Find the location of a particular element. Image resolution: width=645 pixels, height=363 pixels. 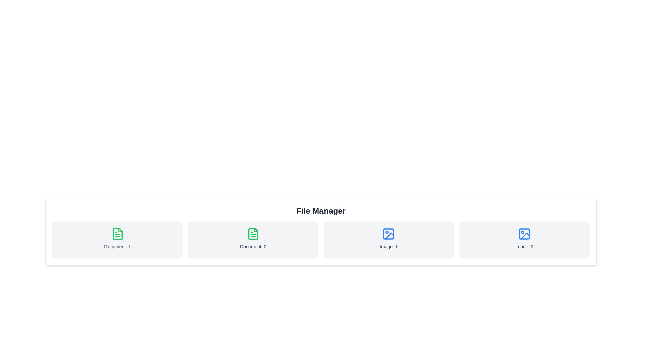

text label displaying 'Image_1' which is in a small gray font, located below the image icon, centered horizontally is located at coordinates (389, 246).